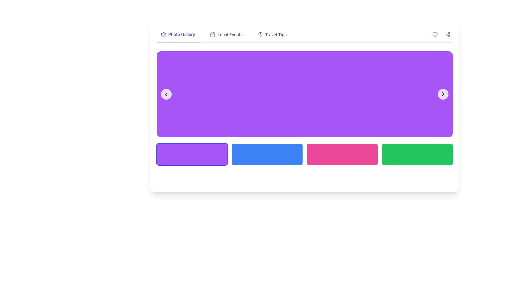 The width and height of the screenshot is (515, 290). Describe the element at coordinates (448, 34) in the screenshot. I see `the 'Share' icon button located in the top-right corner of the layout` at that location.